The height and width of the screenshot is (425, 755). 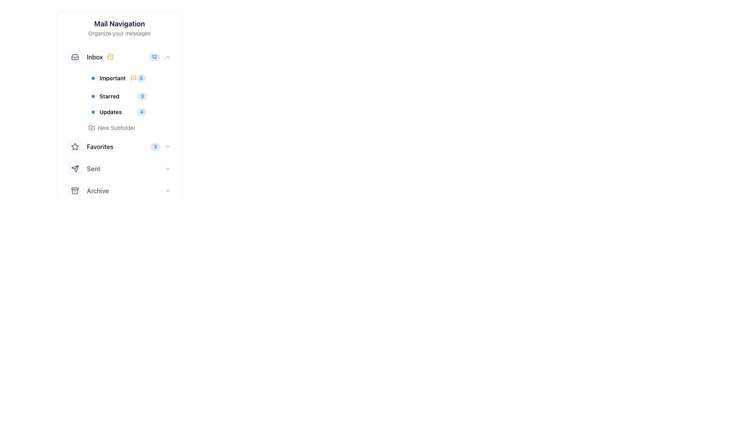 I want to click on the 'Updates' category label located in the navigation panel on the left side, which is the third item under the 'Inbox' section, so click(x=106, y=112).